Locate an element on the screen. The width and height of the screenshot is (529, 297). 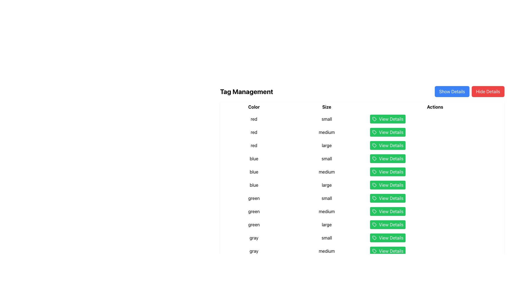
the tag icon located in the 'Actions' column of the table row for the 'blue - medium' item, which is part of the 'View Details' button is located at coordinates (374, 171).